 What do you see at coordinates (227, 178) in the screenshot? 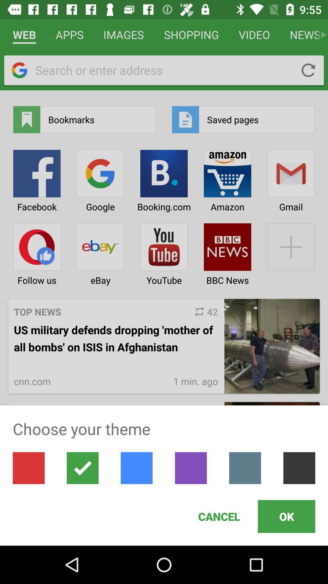
I see `the icon with the text amazon` at bounding box center [227, 178].